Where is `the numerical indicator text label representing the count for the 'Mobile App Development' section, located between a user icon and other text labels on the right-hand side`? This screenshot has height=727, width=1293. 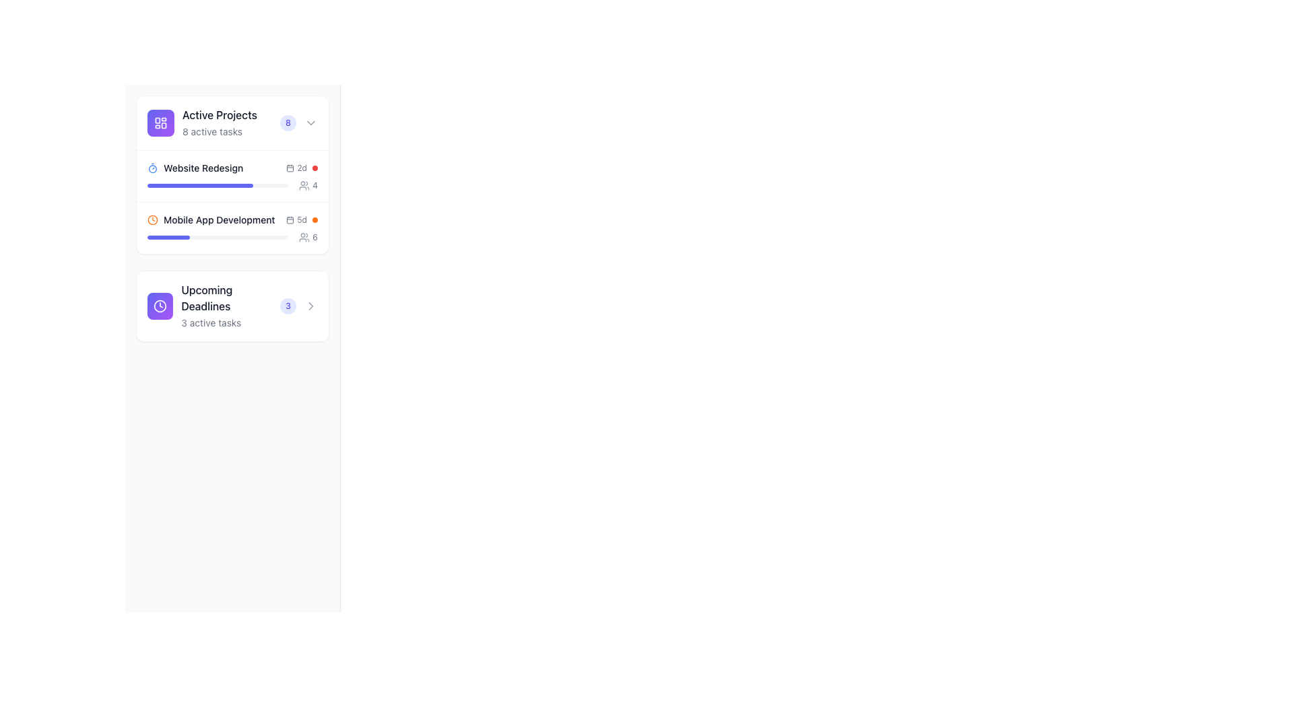 the numerical indicator text label representing the count for the 'Mobile App Development' section, located between a user icon and other text labels on the right-hand side is located at coordinates (314, 237).